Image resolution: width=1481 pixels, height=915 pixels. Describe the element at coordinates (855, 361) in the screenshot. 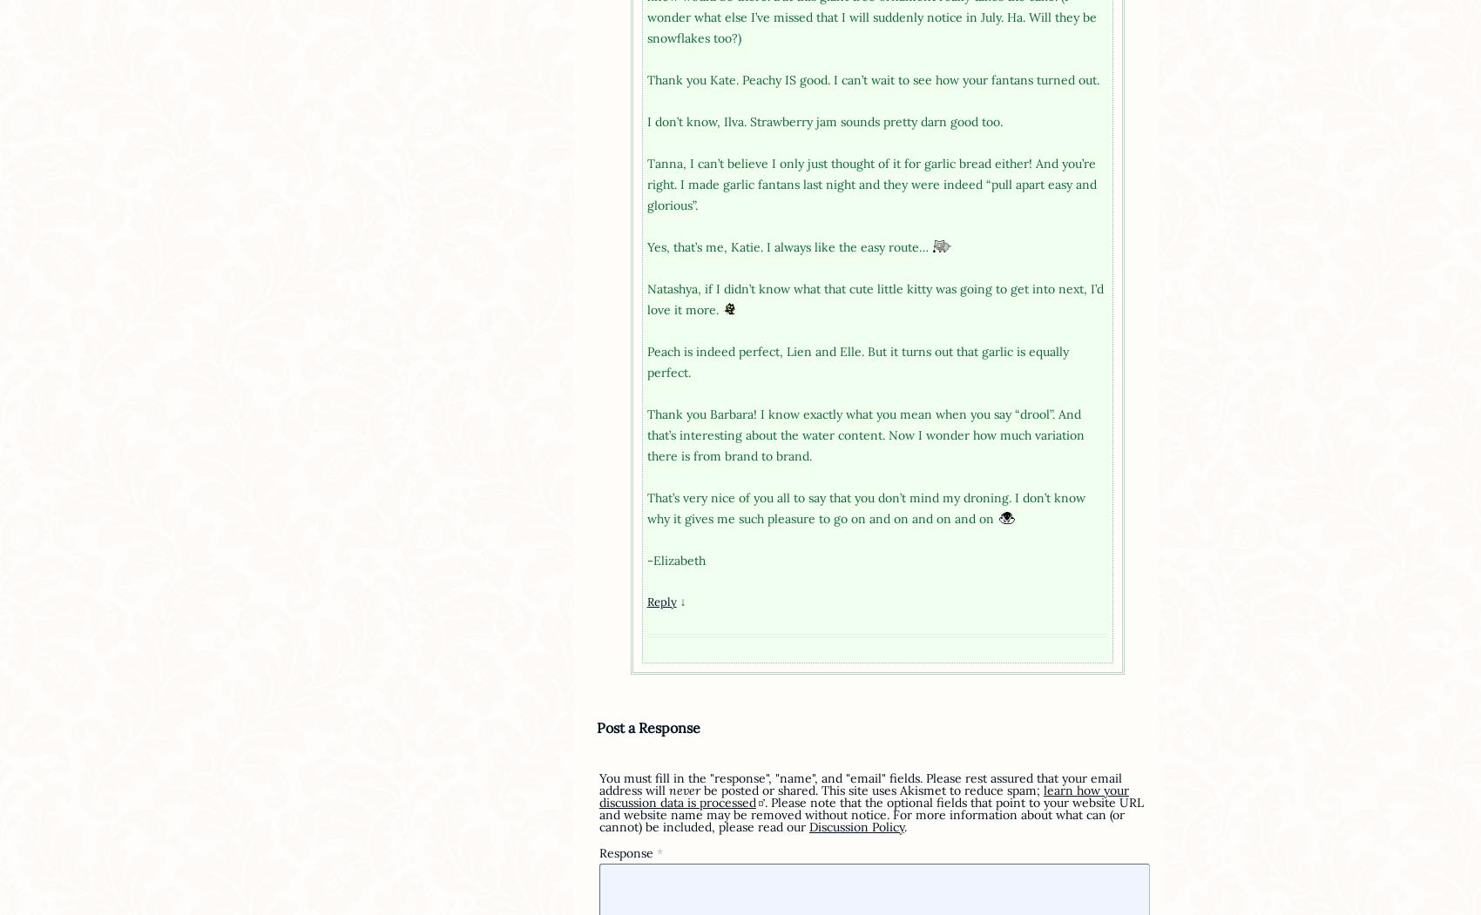

I see `'Peach is indeed perfect, Lien and Elle. But it turns out that garlic is equally perfect.'` at that location.